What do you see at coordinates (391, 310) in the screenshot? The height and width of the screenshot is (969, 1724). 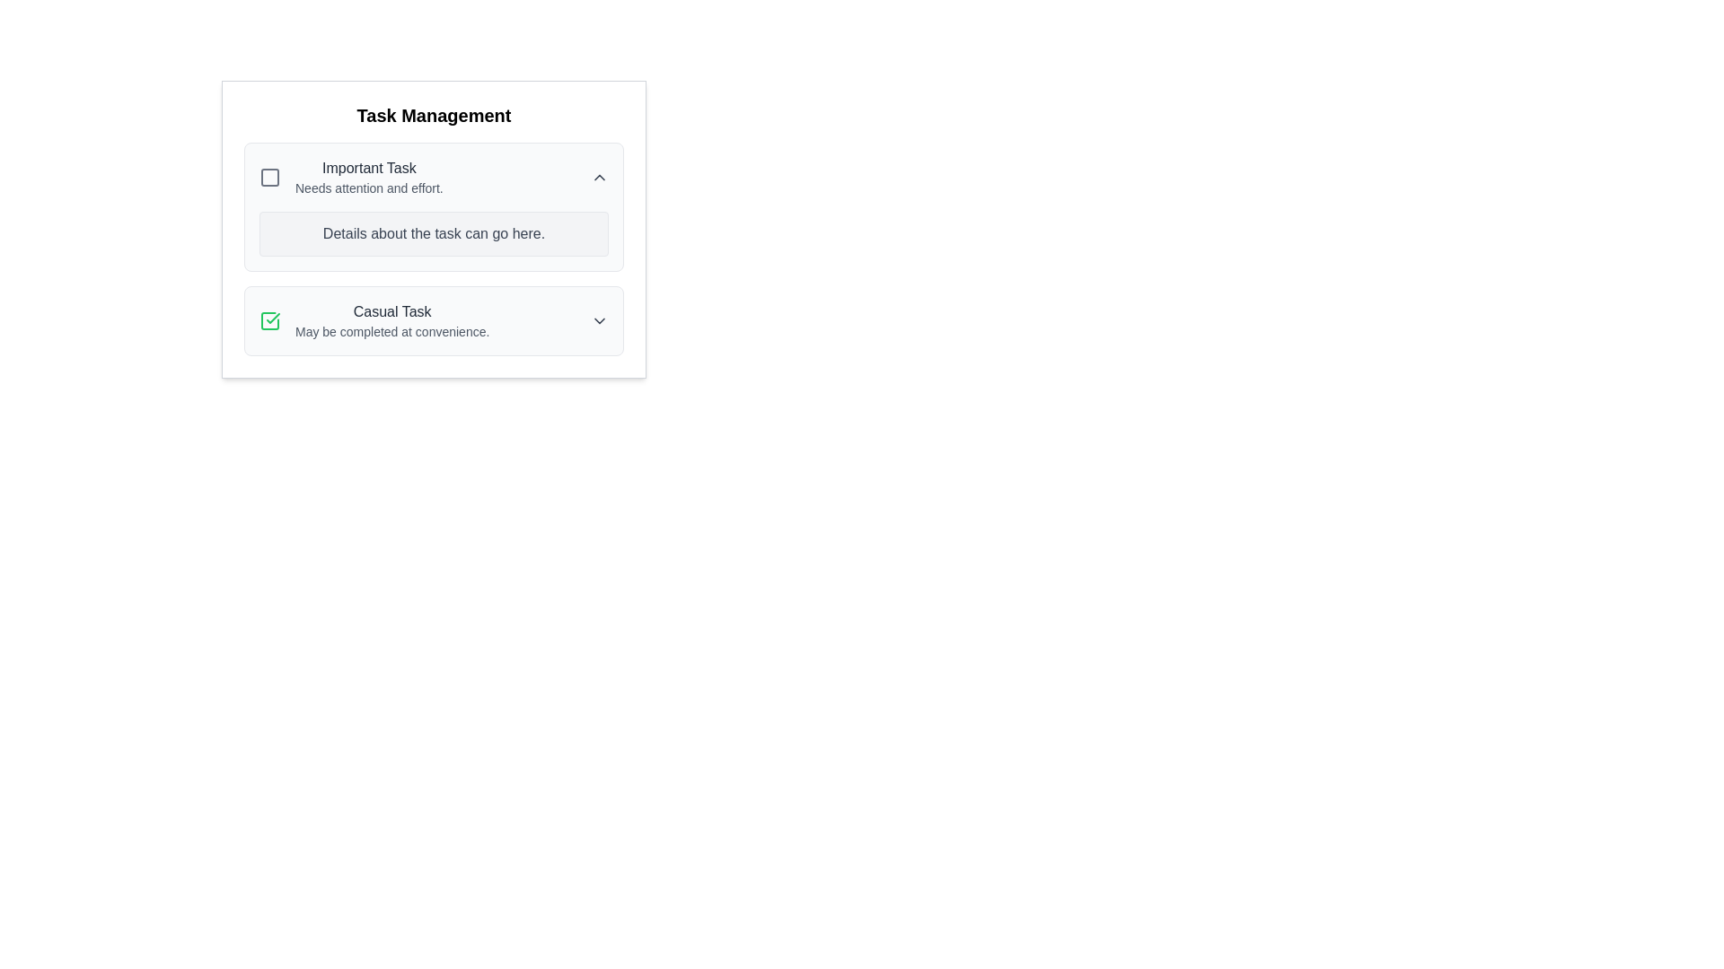 I see `the static text label that serves as a title for the task category in the 'Task Management' section, positioned above the description 'May be completed at convenience.'` at bounding box center [391, 310].